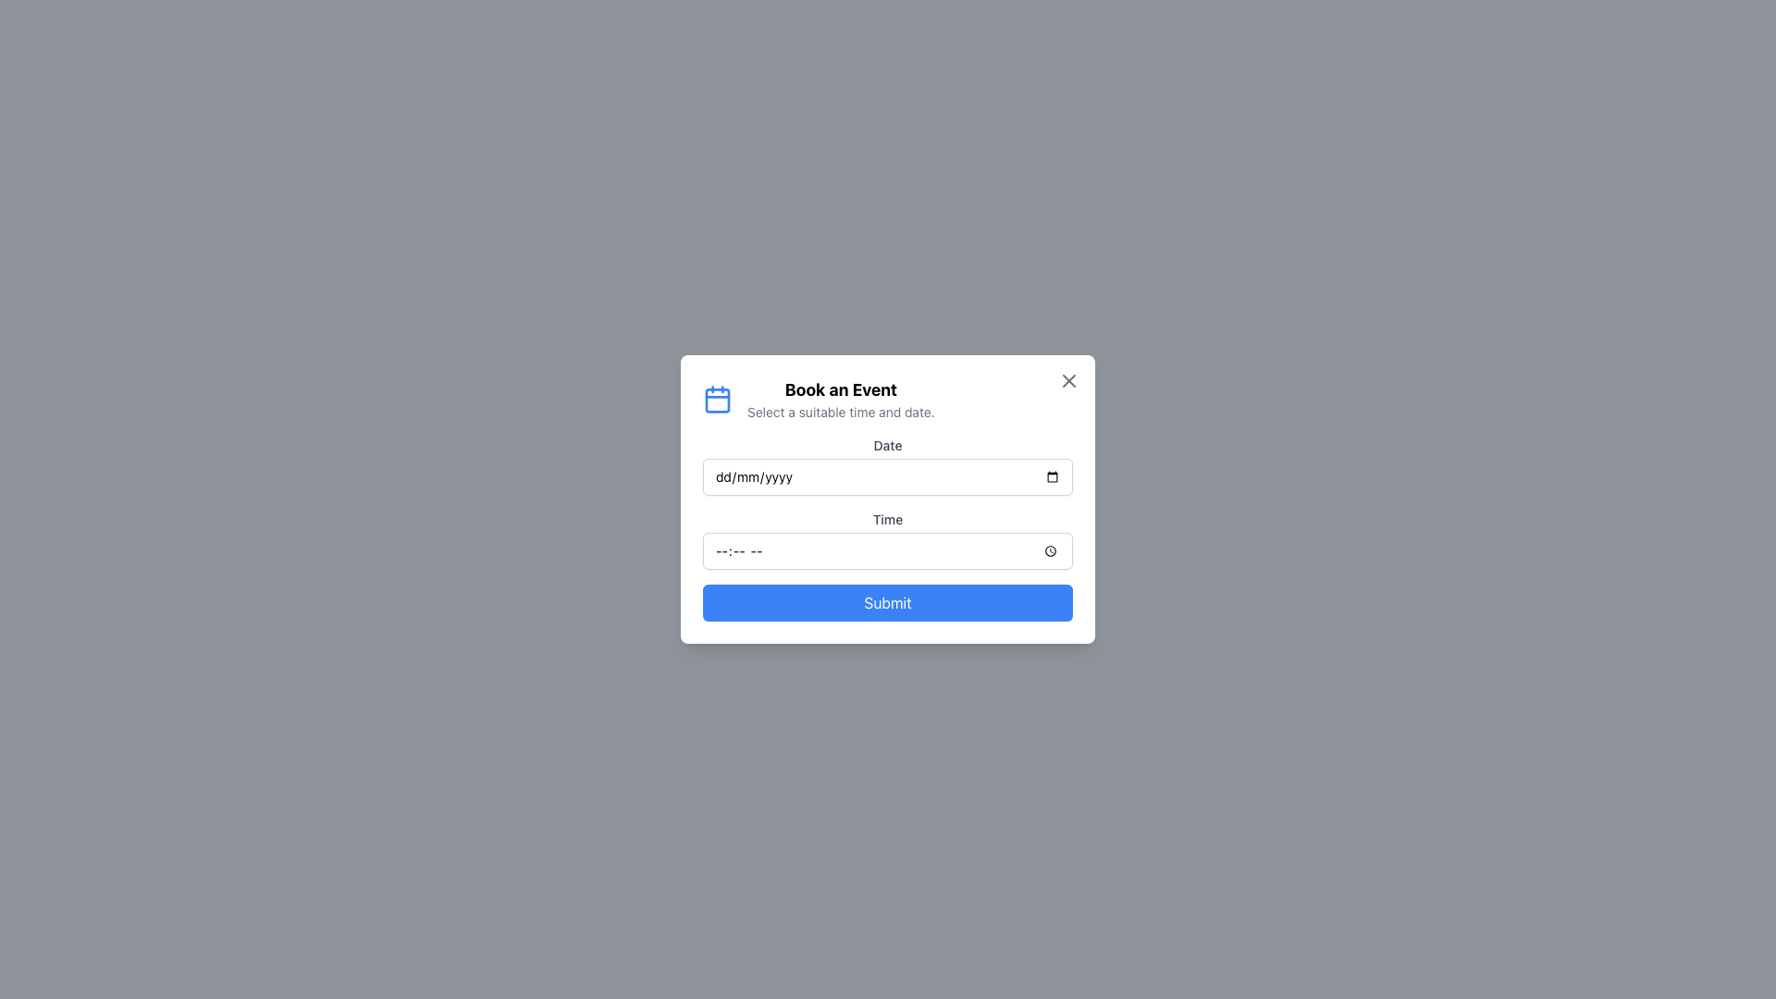  Describe the element at coordinates (888, 520) in the screenshot. I see `the 'Time' label in the 'Book an Event' modal, which identifies the purpose of the time input field below it` at that location.